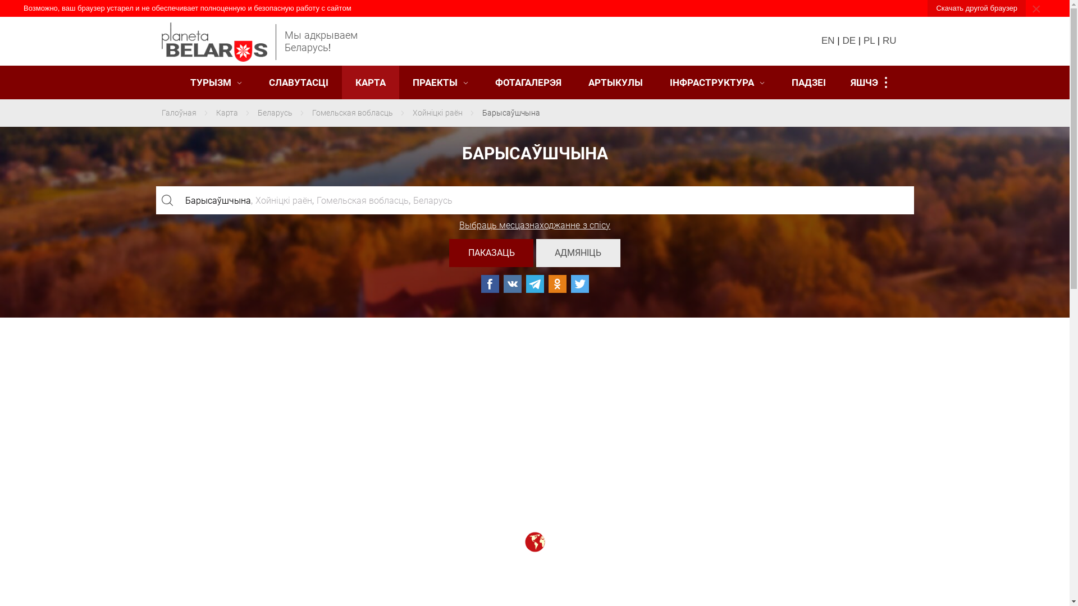  What do you see at coordinates (889, 40) in the screenshot?
I see `'RU'` at bounding box center [889, 40].